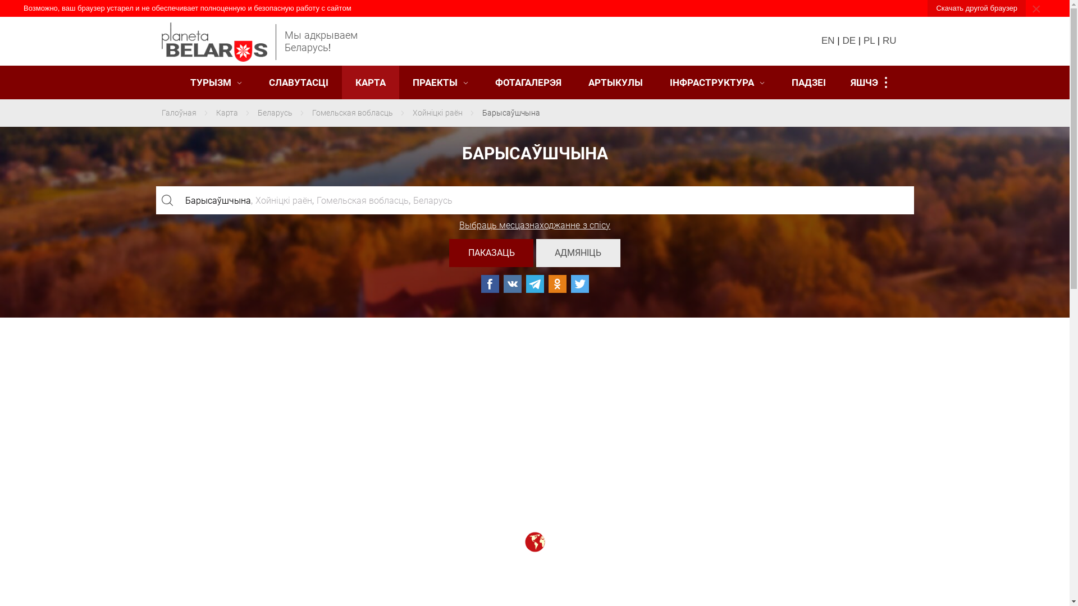  What do you see at coordinates (889, 40) in the screenshot?
I see `'RU'` at bounding box center [889, 40].